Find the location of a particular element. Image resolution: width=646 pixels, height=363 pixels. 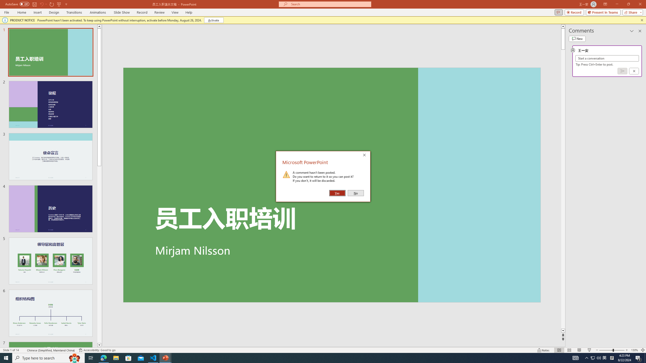

'Post comment (Ctrl + Enter)' is located at coordinates (622, 71).